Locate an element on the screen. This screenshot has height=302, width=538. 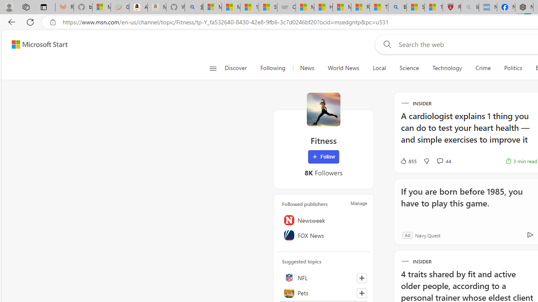
'World News' is located at coordinates (343, 68).